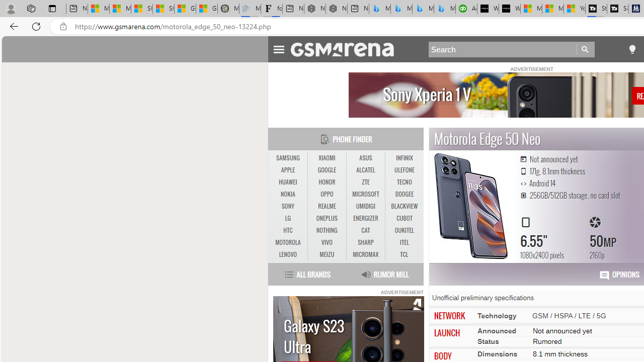 The width and height of the screenshot is (644, 362). What do you see at coordinates (404, 254) in the screenshot?
I see `'TCL'` at bounding box center [404, 254].